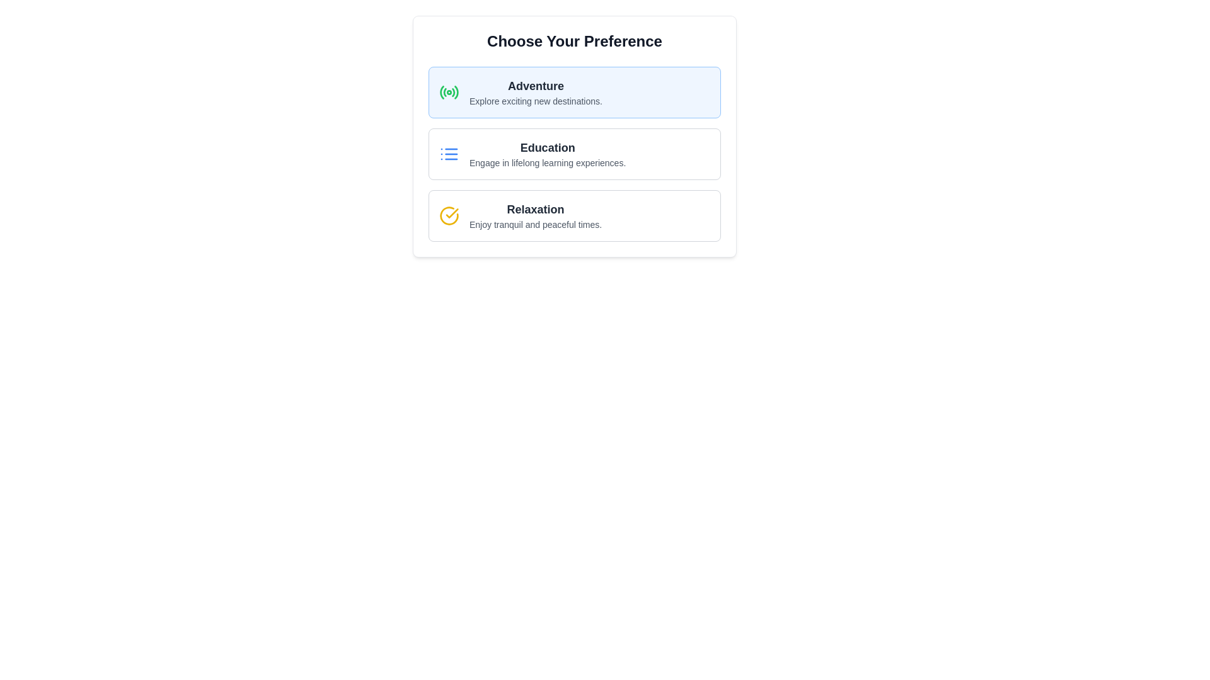  I want to click on the 'Education' option in the selectable list, so click(574, 154).